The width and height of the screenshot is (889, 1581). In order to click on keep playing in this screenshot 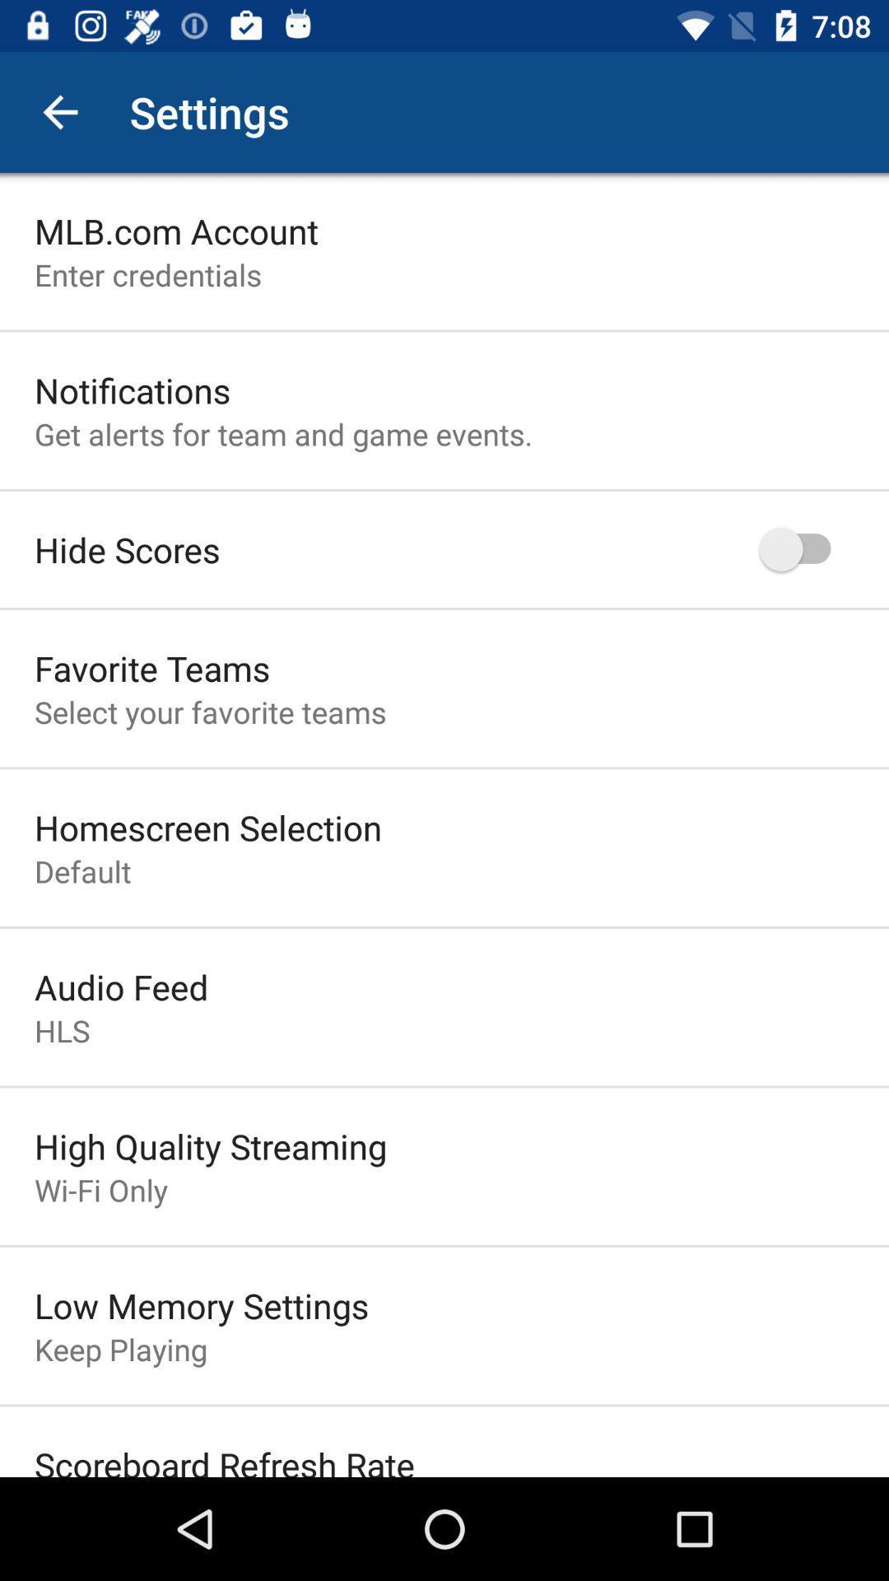, I will do `click(119, 1349)`.